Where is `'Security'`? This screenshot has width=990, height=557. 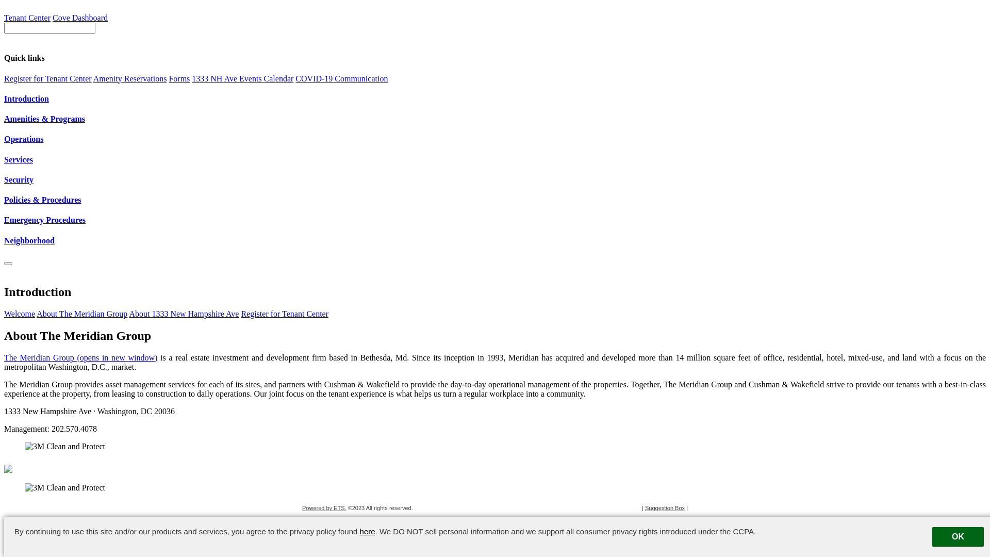 'Security' is located at coordinates (4, 179).